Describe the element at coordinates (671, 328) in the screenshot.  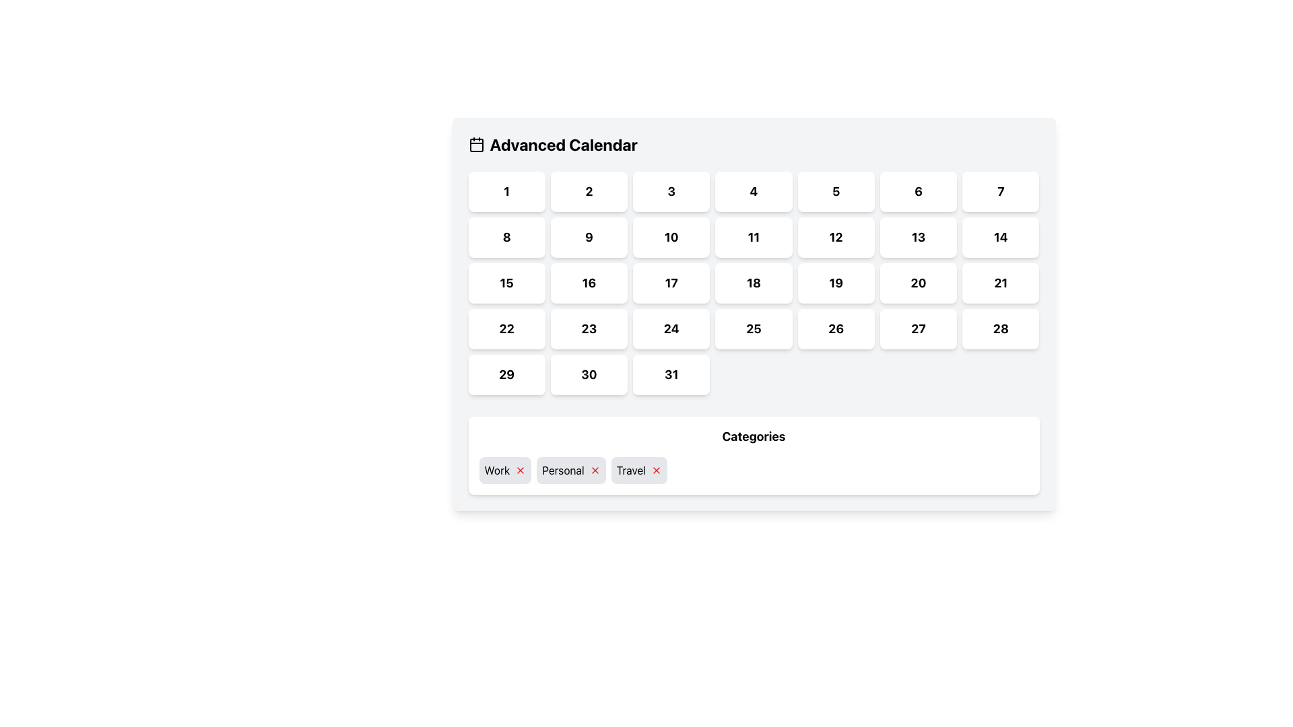
I see `date label text '24' from the calendar interface, which is located in the fourth row and fourth column of the 'Advanced Calendar' layout` at that location.